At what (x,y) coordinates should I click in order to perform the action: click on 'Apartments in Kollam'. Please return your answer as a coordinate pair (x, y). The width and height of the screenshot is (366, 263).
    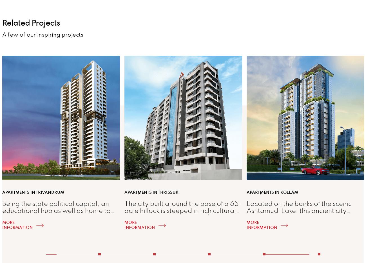
    Looking at the image, I should click on (272, 192).